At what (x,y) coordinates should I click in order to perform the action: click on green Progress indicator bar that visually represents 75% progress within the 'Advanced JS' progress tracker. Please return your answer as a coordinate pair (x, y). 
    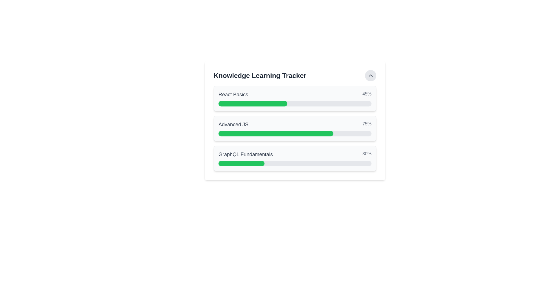
    Looking at the image, I should click on (276, 134).